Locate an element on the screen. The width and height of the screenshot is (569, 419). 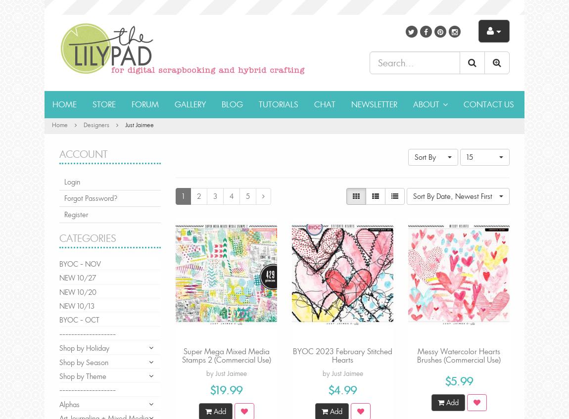
'Categories' is located at coordinates (87, 237).